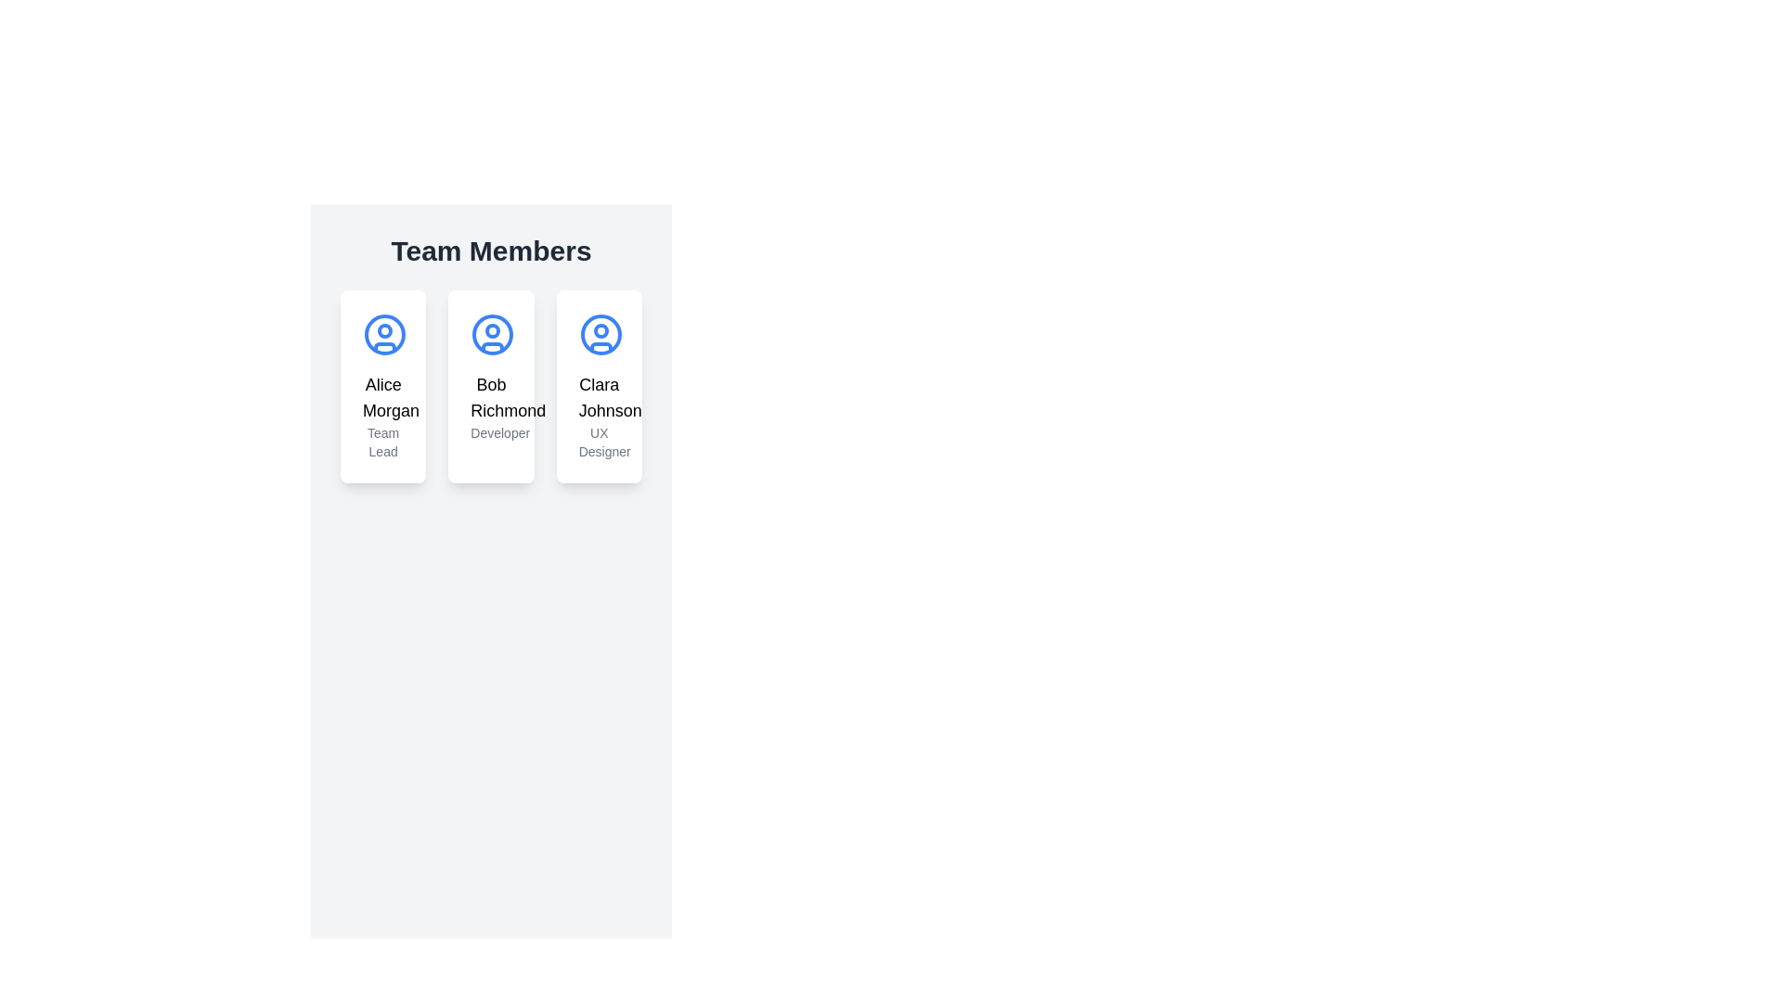 The height and width of the screenshot is (1002, 1782). I want to click on the avatar icon representing the user 'Bob Richmond', located in the middle card under the 'Team Members' title, so click(493, 335).